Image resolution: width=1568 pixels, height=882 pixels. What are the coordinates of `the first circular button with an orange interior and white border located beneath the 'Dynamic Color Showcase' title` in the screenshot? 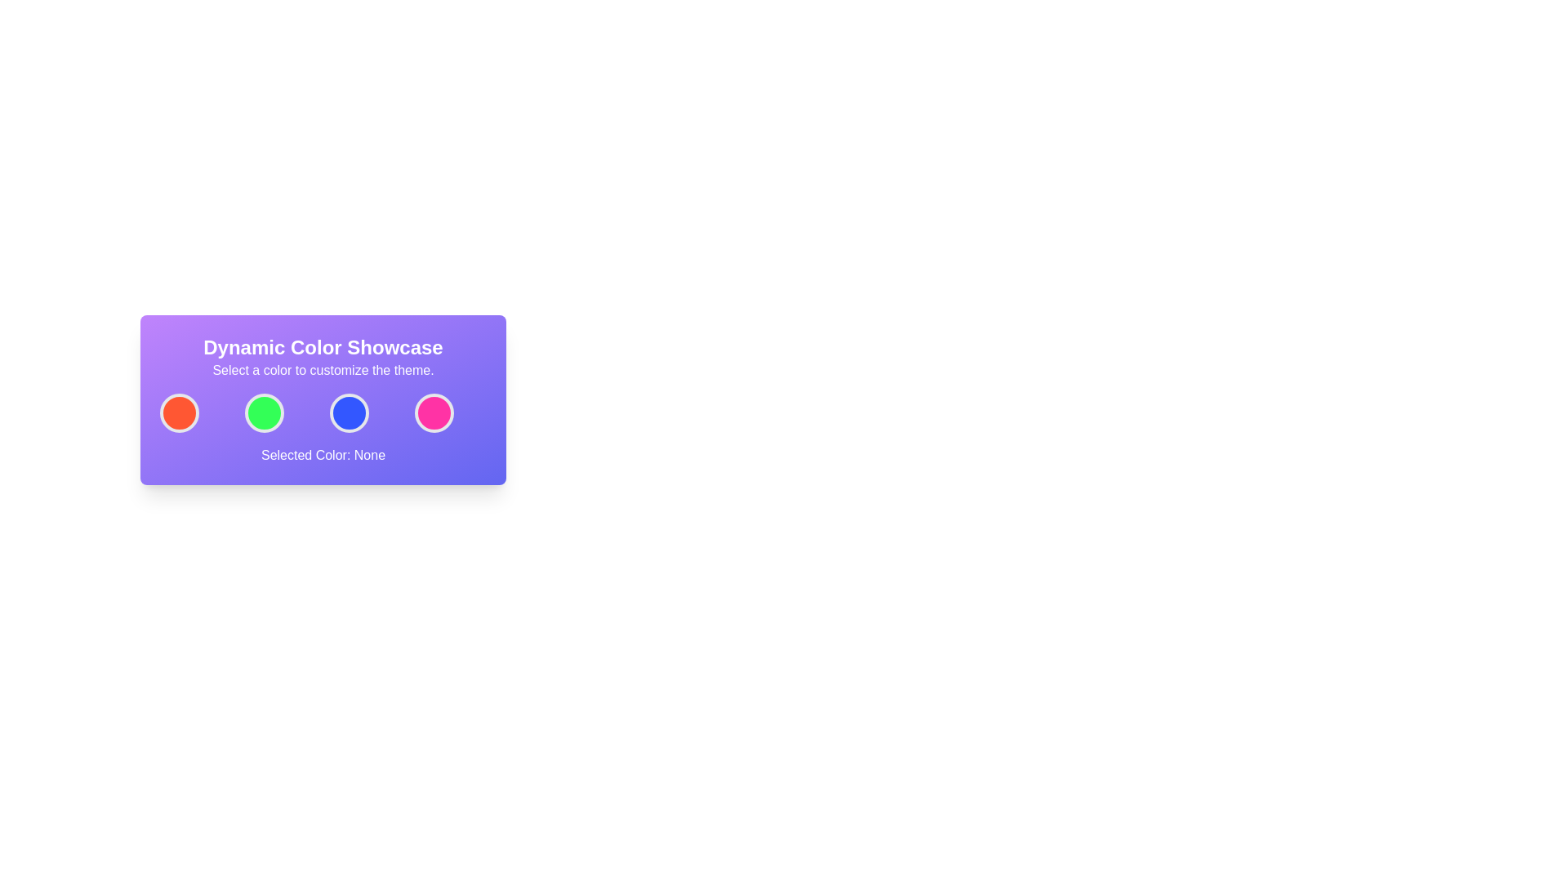 It's located at (180, 412).